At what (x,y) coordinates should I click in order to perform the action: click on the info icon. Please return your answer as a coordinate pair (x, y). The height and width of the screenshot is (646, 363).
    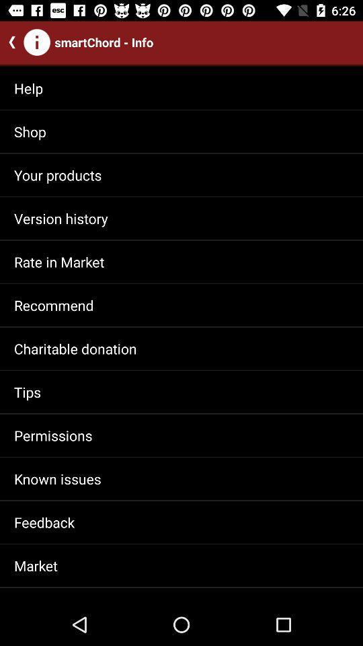
    Looking at the image, I should click on (37, 42).